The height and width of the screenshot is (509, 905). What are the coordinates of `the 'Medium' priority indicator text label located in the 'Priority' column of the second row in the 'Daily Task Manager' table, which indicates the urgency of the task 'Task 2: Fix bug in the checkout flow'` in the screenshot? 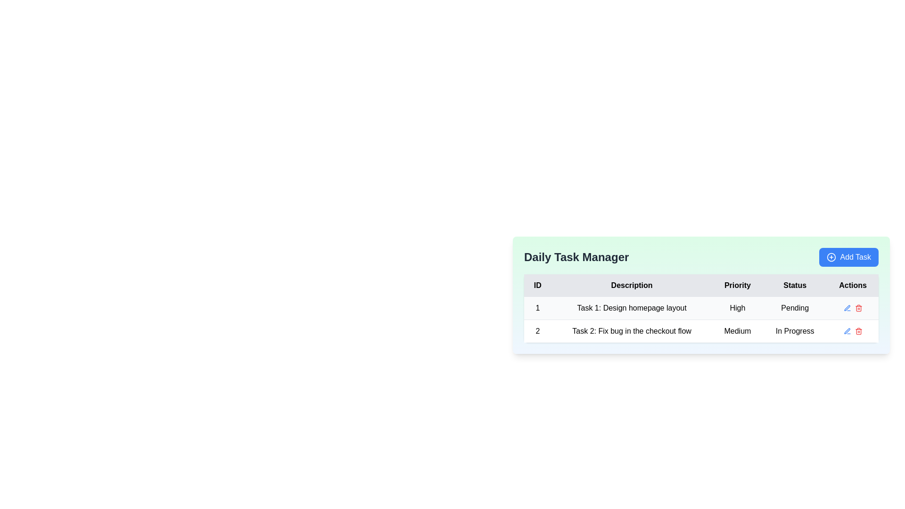 It's located at (737, 330).